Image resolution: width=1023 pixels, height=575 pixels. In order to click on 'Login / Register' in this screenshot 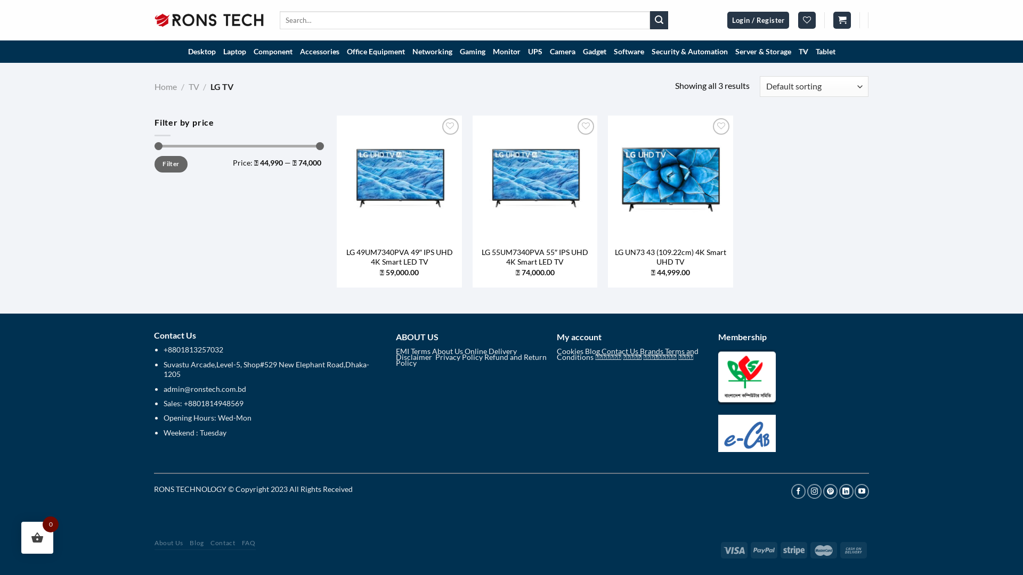, I will do `click(758, 20)`.